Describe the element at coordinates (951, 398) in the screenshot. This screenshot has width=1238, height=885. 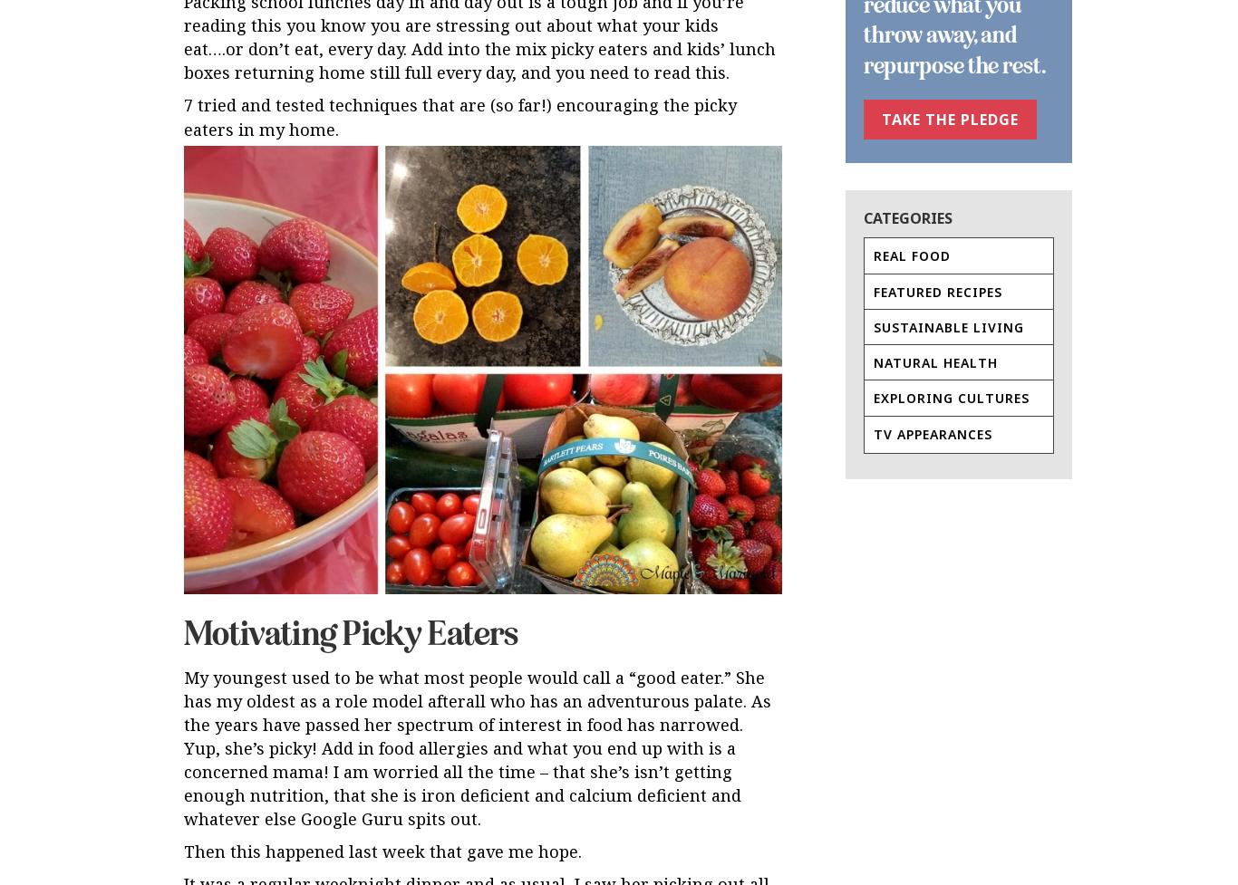
I see `'Exploring Cultures'` at that location.